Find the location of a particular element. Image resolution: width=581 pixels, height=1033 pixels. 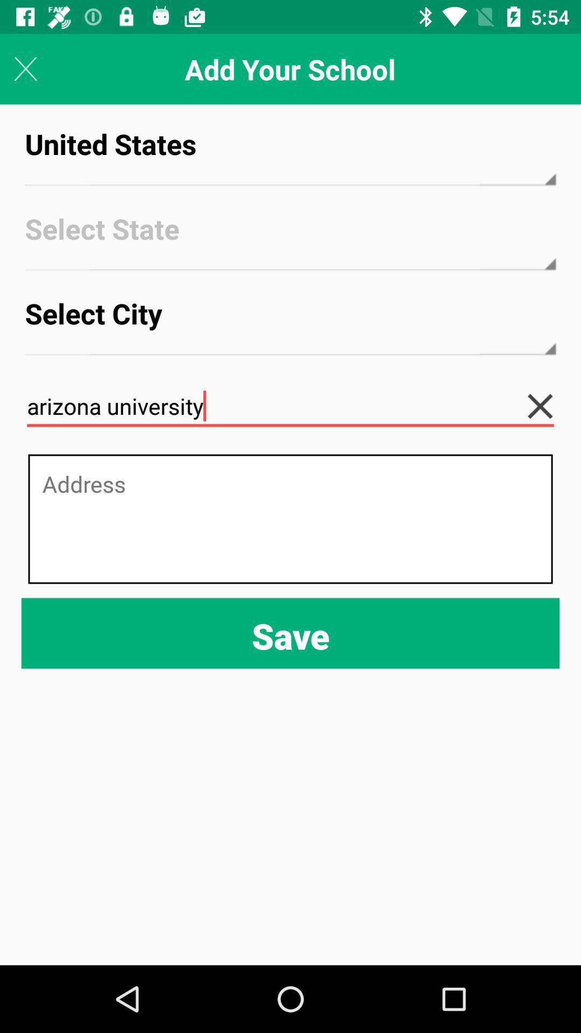

search school is located at coordinates (548, 406).